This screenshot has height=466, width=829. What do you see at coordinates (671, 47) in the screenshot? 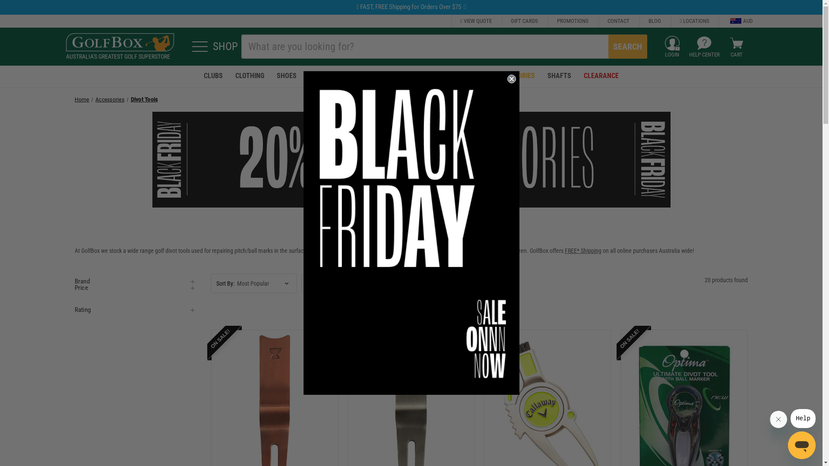
I see `'LOGIN'` at bounding box center [671, 47].